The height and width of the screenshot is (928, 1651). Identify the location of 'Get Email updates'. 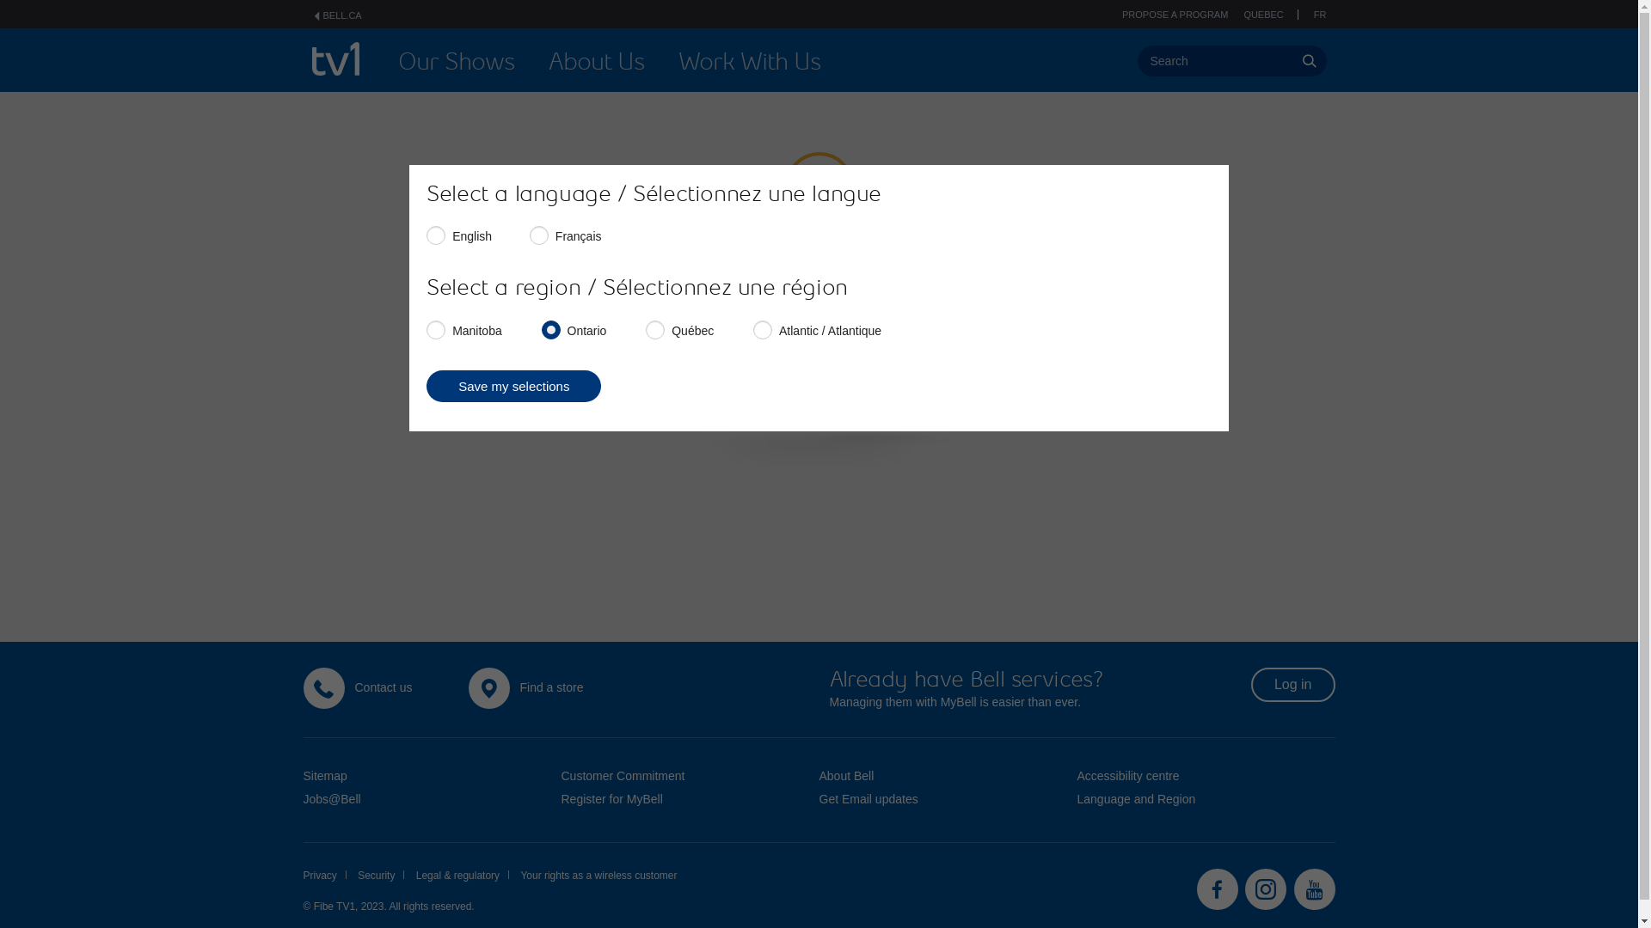
(868, 798).